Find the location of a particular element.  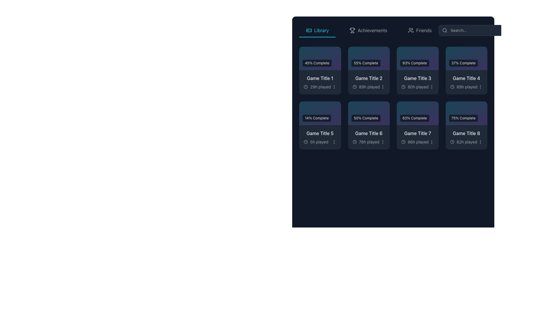

game information from the Informative card located in the fourth row, second column of the game library grid, which displays the game's title and time spent playing, along with a completion percentage label above is located at coordinates (418, 137).